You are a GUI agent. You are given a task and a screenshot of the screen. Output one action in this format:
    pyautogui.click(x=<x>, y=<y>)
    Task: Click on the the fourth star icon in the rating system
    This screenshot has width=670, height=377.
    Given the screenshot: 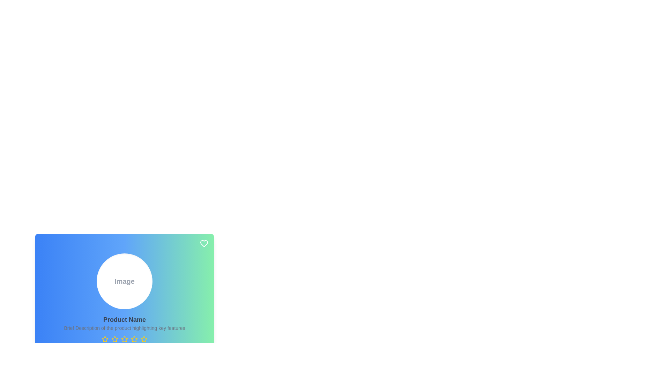 What is the action you would take?
    pyautogui.click(x=134, y=339)
    